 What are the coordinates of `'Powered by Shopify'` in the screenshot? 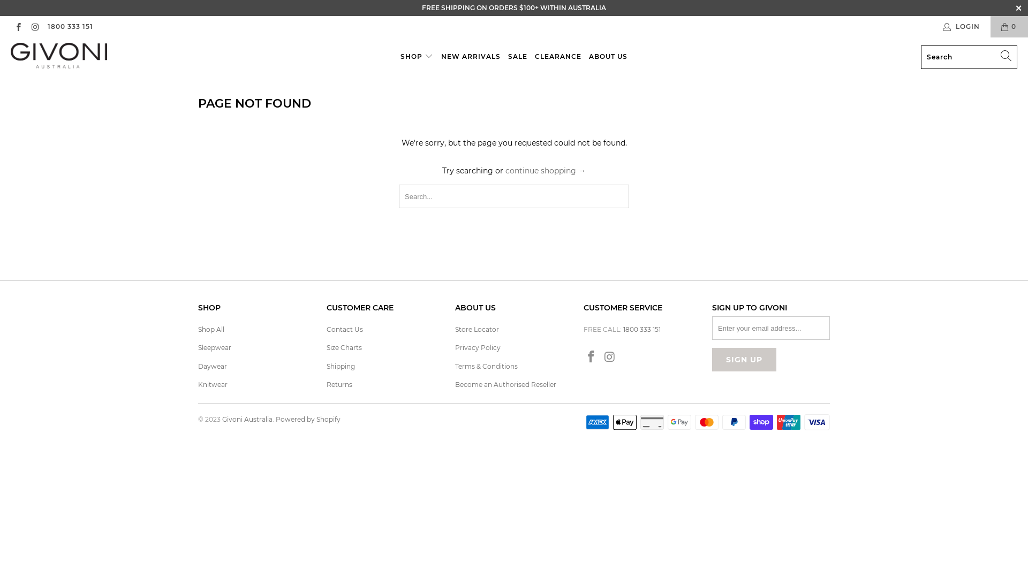 It's located at (307, 419).